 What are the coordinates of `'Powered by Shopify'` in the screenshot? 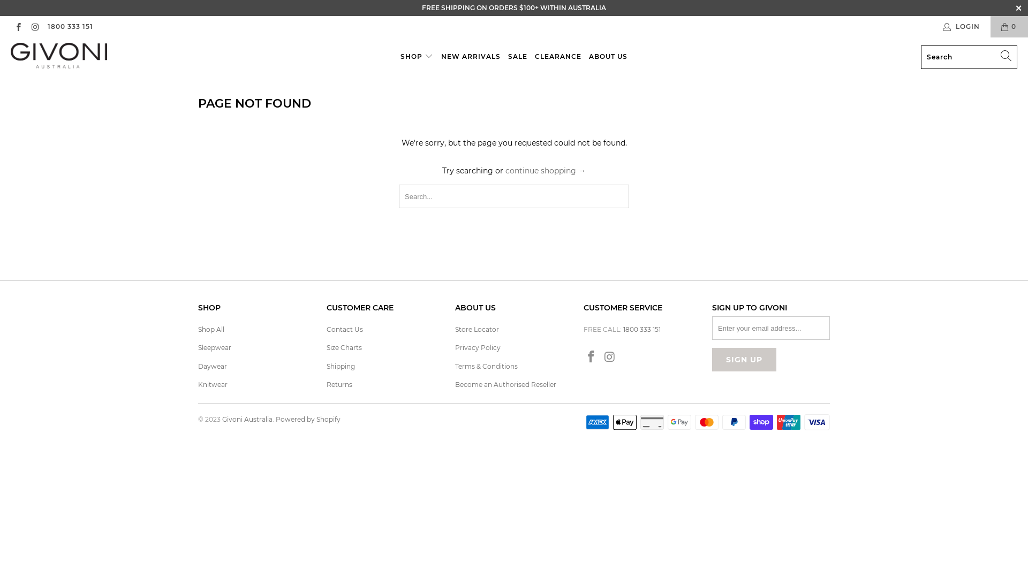 It's located at (307, 419).